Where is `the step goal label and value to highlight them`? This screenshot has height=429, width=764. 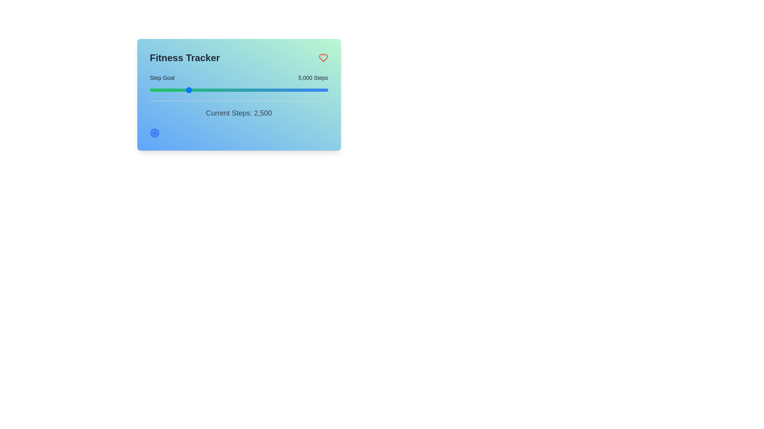 the step goal label and value to highlight them is located at coordinates (162, 78).